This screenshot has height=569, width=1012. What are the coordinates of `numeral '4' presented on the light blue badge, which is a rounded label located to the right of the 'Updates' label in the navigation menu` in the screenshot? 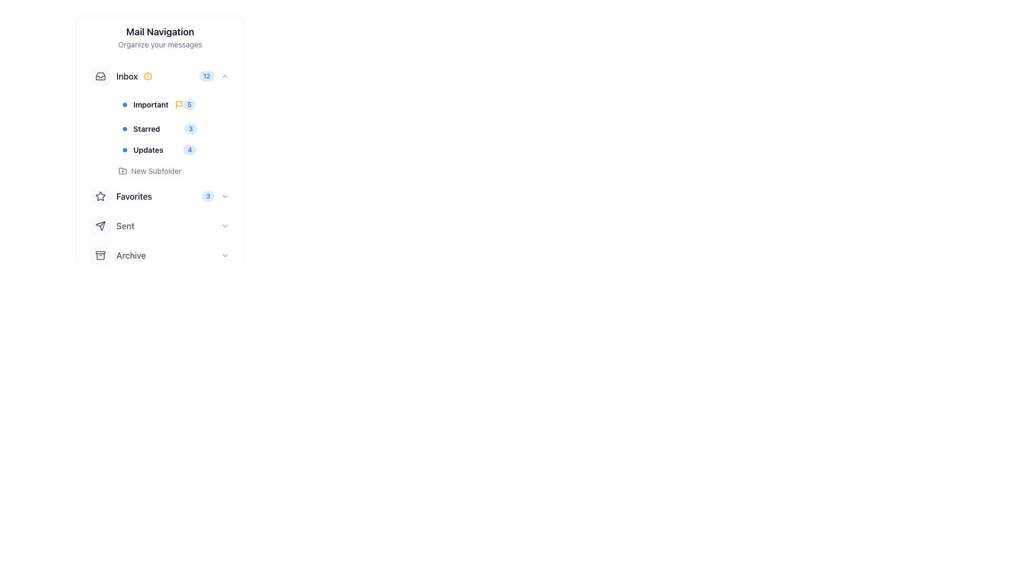 It's located at (190, 150).